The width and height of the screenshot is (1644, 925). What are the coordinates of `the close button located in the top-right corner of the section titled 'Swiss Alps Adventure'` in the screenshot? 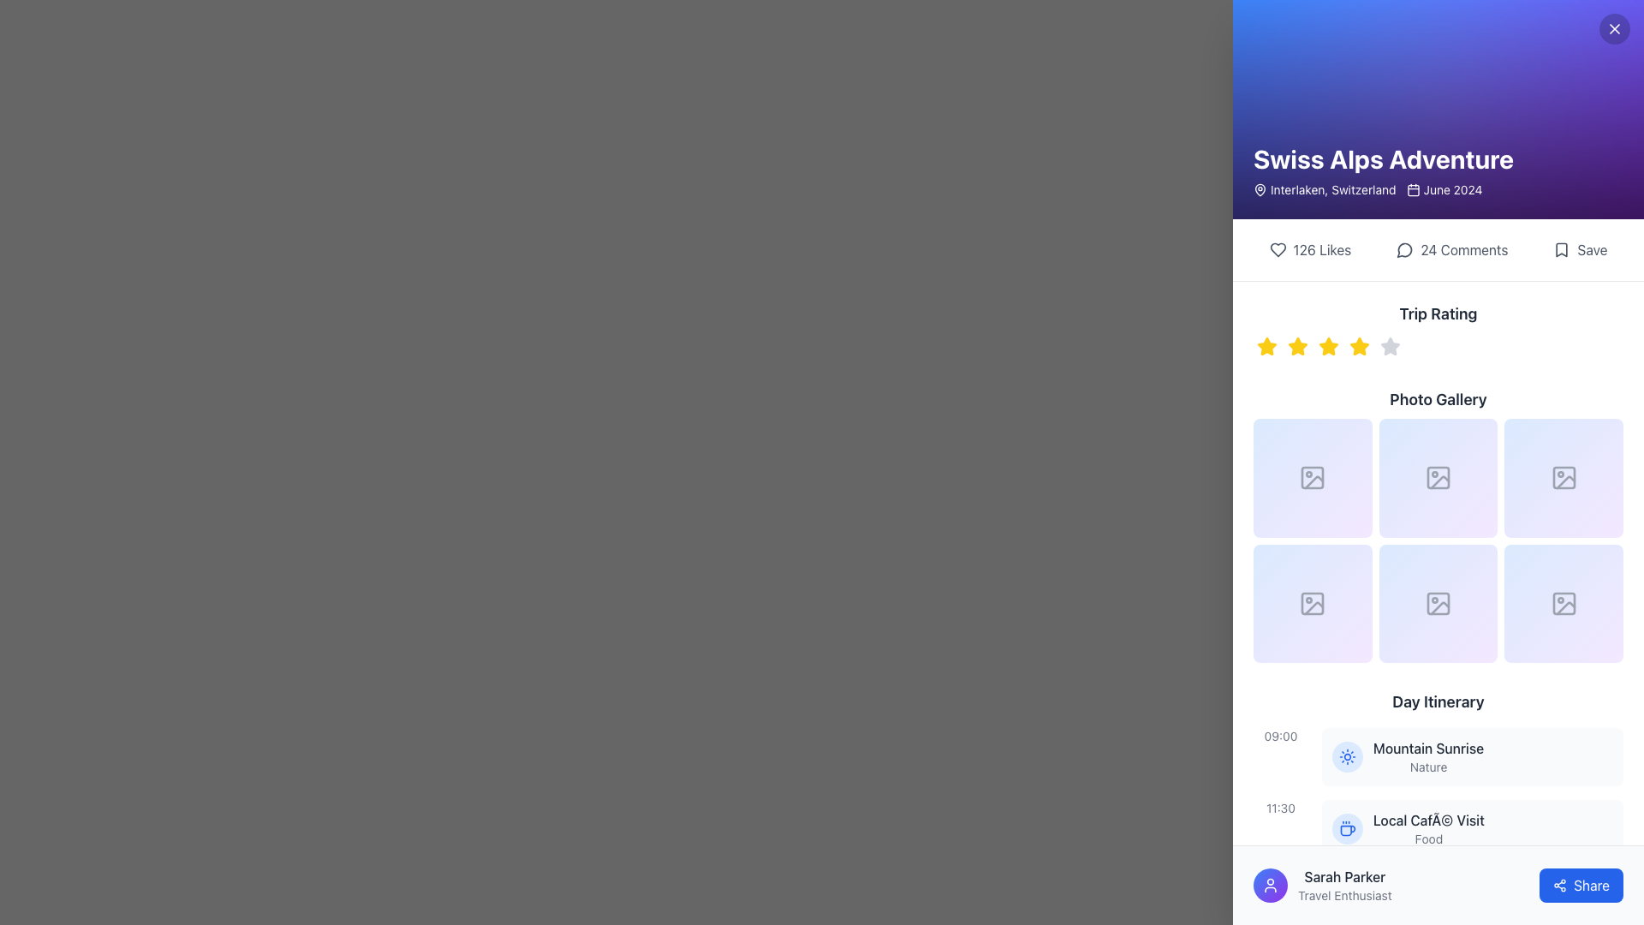 It's located at (1614, 29).